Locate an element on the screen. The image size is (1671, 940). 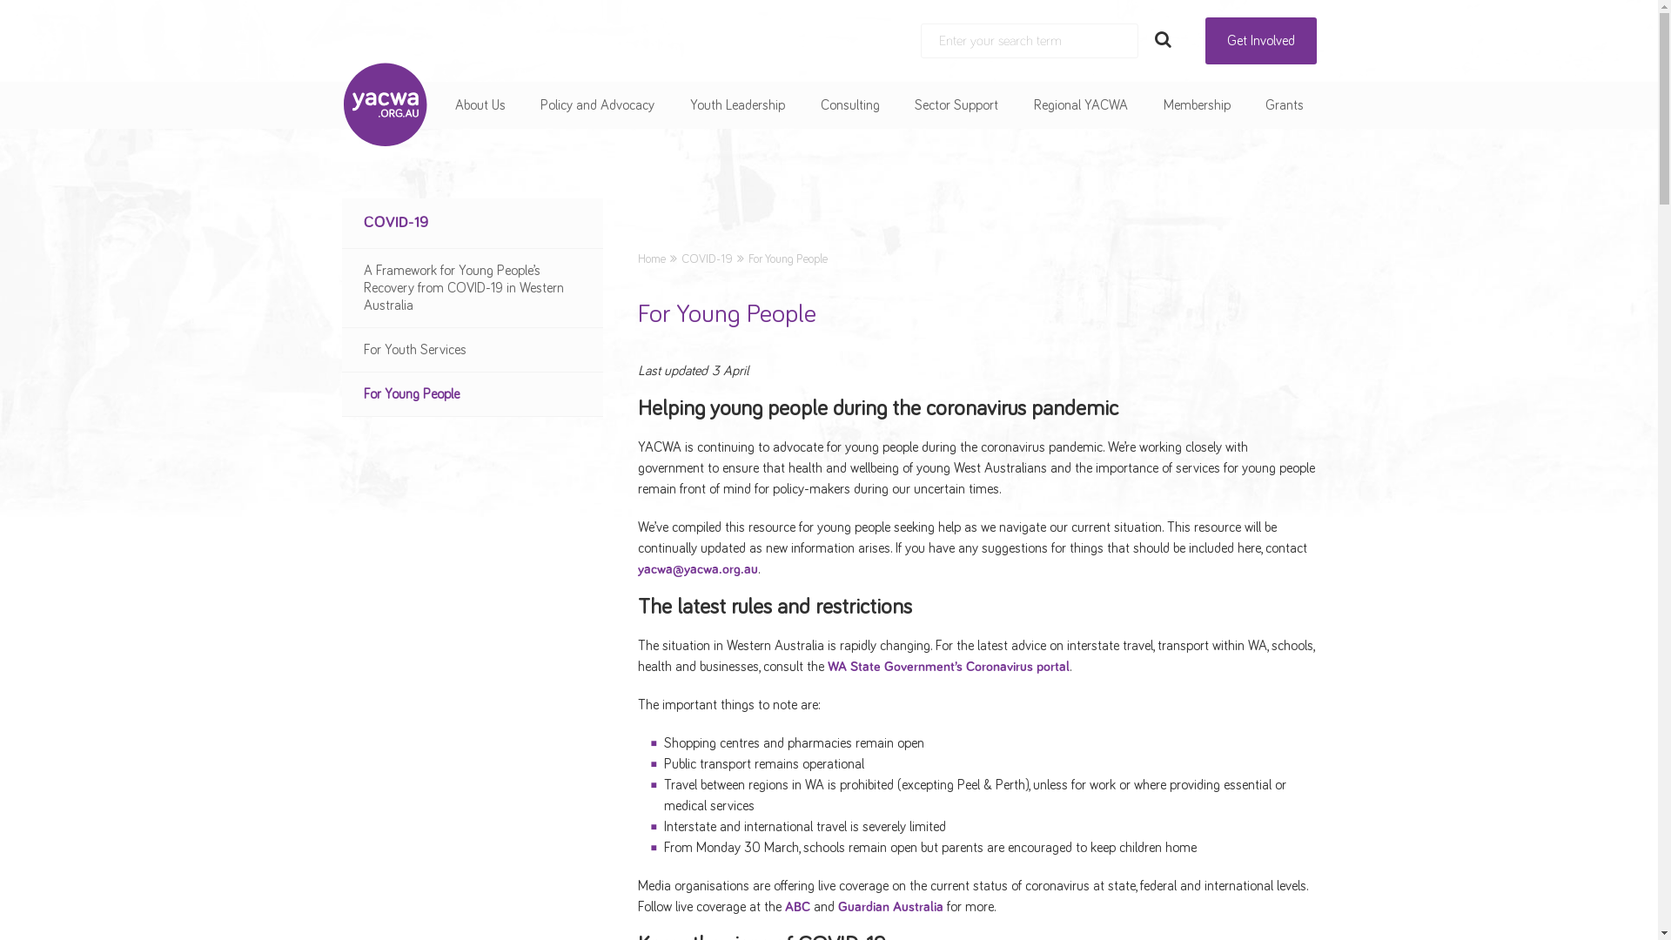
'ABC' is located at coordinates (796, 905).